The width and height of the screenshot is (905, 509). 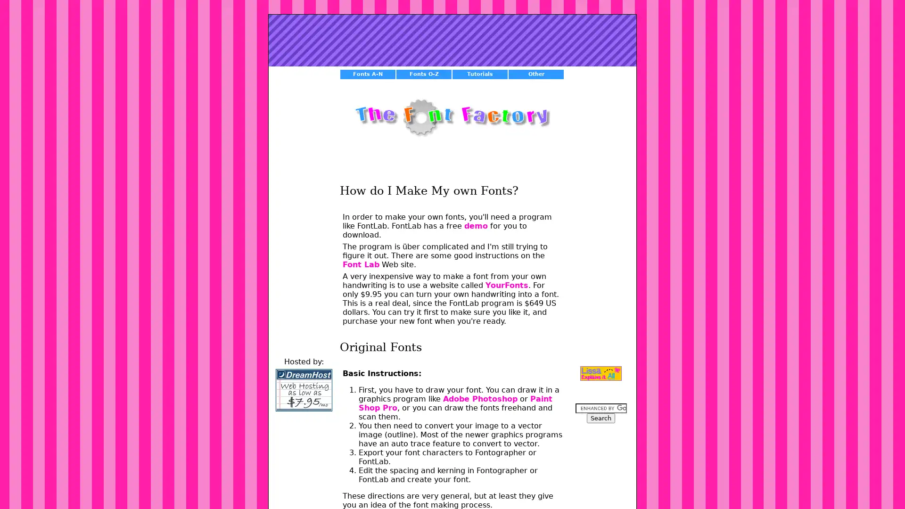 I want to click on Search, so click(x=601, y=418).